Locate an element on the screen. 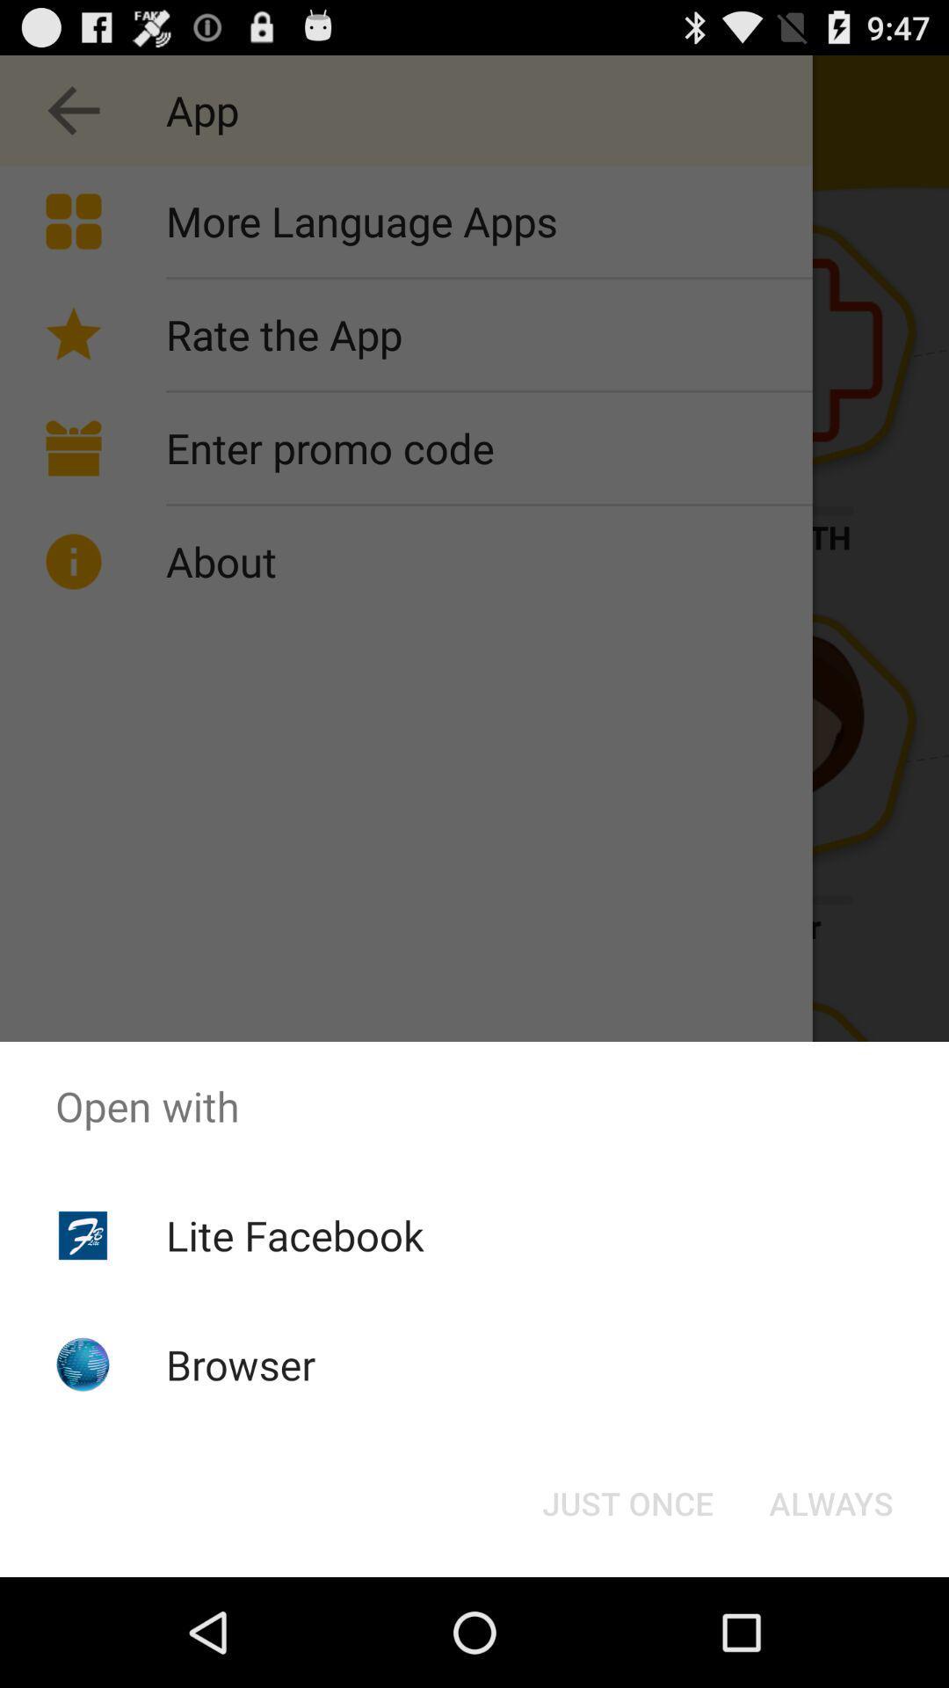 The image size is (949, 1688). the always is located at coordinates (830, 1502).